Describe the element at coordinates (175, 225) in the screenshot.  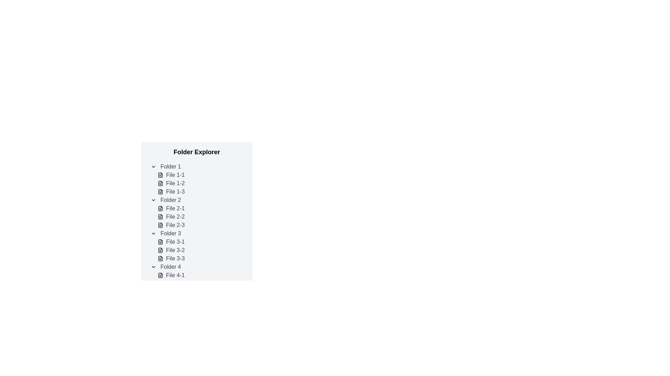
I see `the text label representing the file named 'File 2-3' in the folder browsing interface` at that location.